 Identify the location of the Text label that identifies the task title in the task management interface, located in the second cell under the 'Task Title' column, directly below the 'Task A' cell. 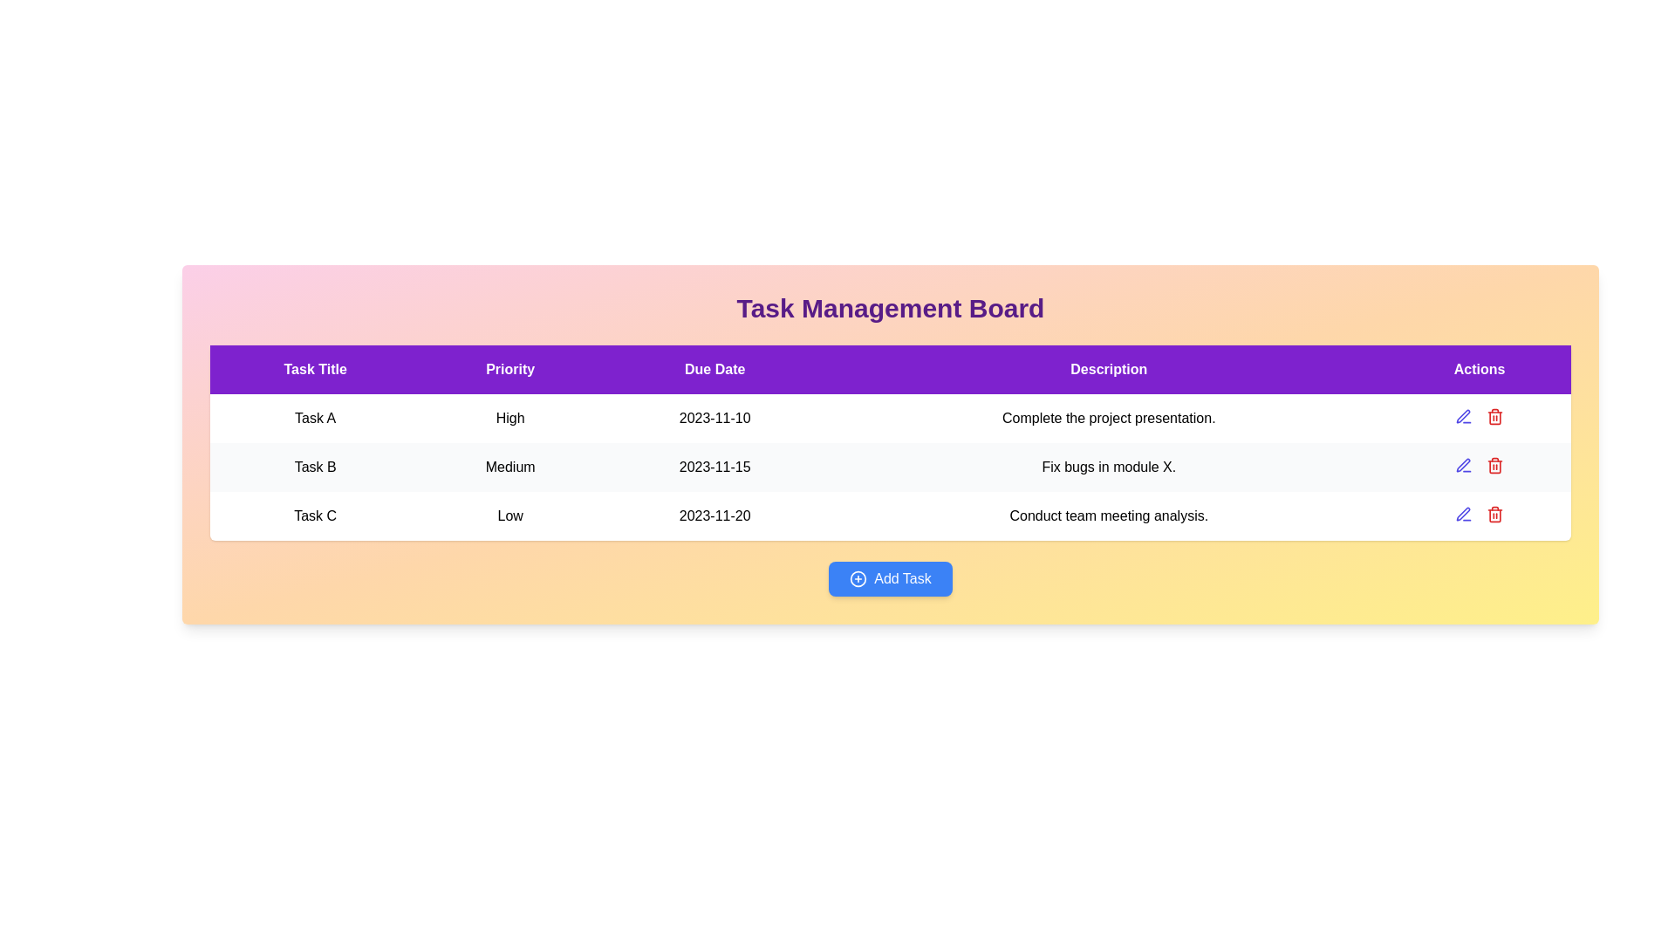
(315, 467).